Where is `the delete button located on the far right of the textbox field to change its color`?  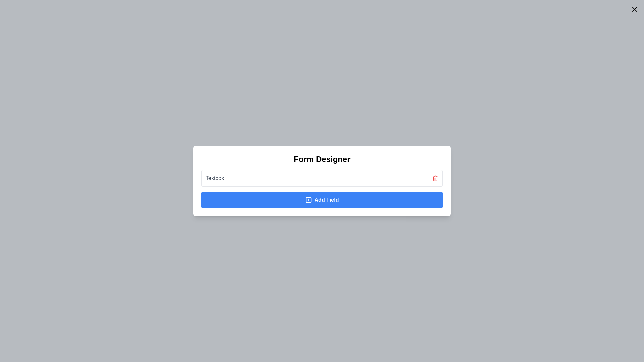 the delete button located on the far right of the textbox field to change its color is located at coordinates (435, 178).